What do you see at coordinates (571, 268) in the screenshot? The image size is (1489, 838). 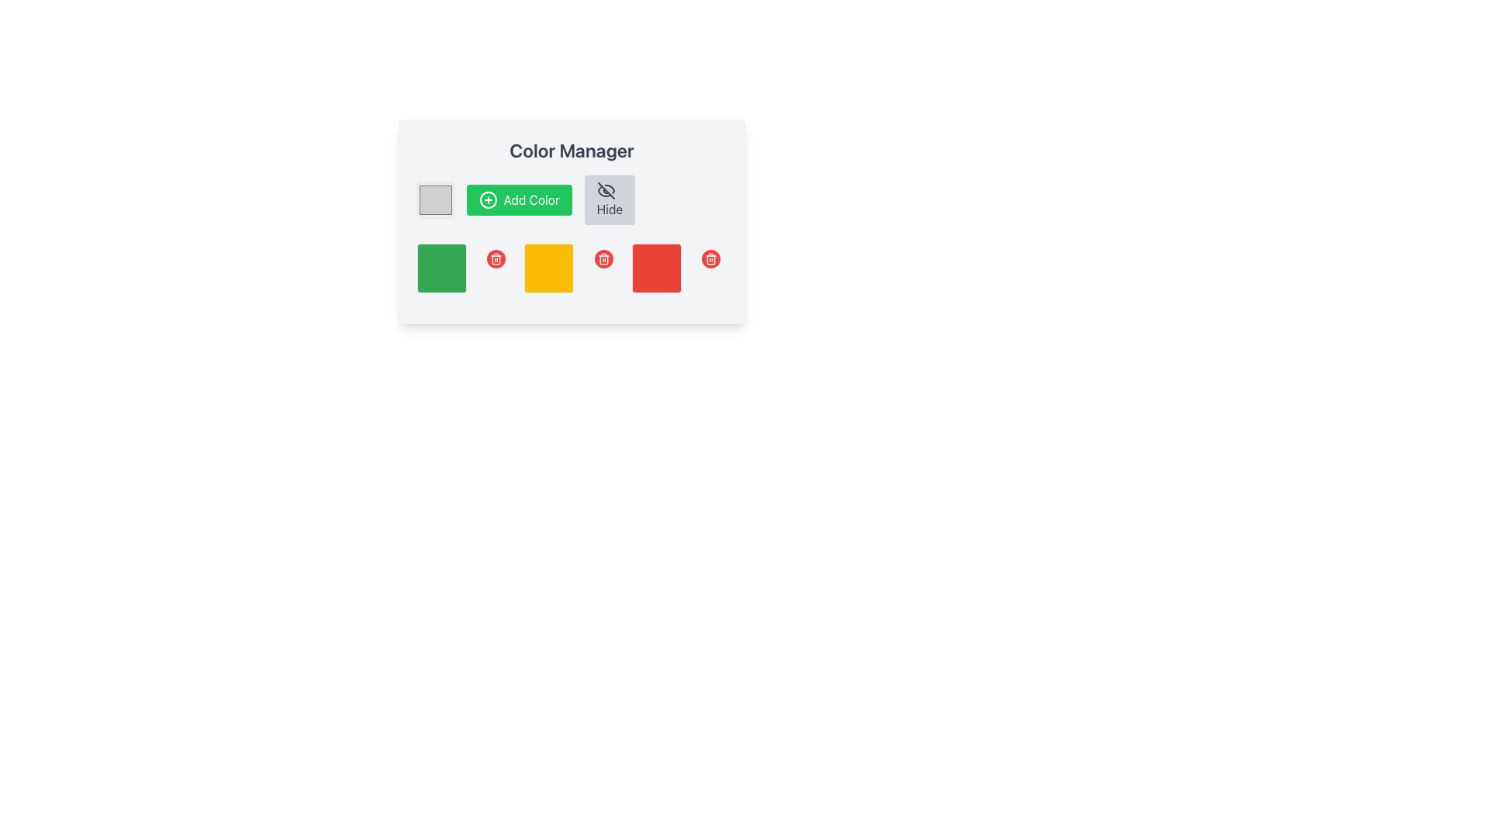 I see `the second square in a horizontal row of three within the color selector grid interface` at bounding box center [571, 268].